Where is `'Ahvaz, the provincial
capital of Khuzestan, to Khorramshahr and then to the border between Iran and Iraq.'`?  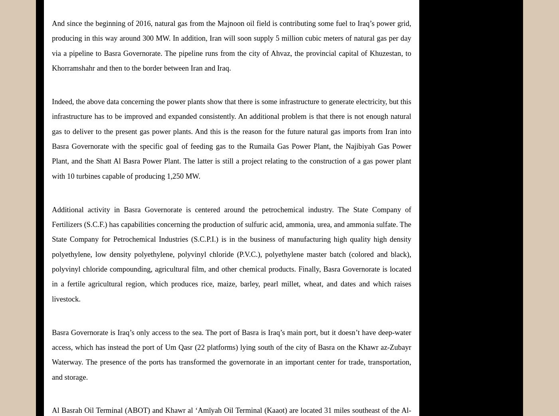
'Ahvaz, the provincial
capital of Khuzestan, to Khorramshahr and then to the border between Iran and Iraq.' is located at coordinates (232, 60).